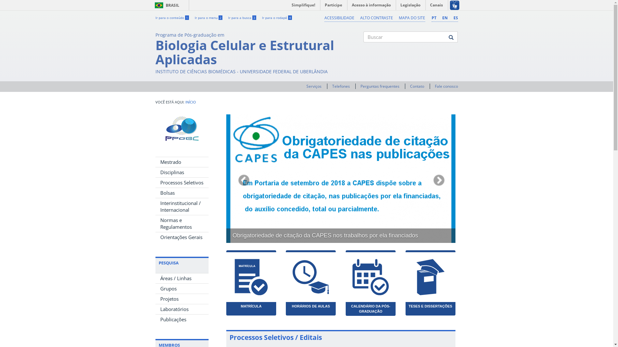  Describe the element at coordinates (181, 162) in the screenshot. I see `'Mestrado'` at that location.